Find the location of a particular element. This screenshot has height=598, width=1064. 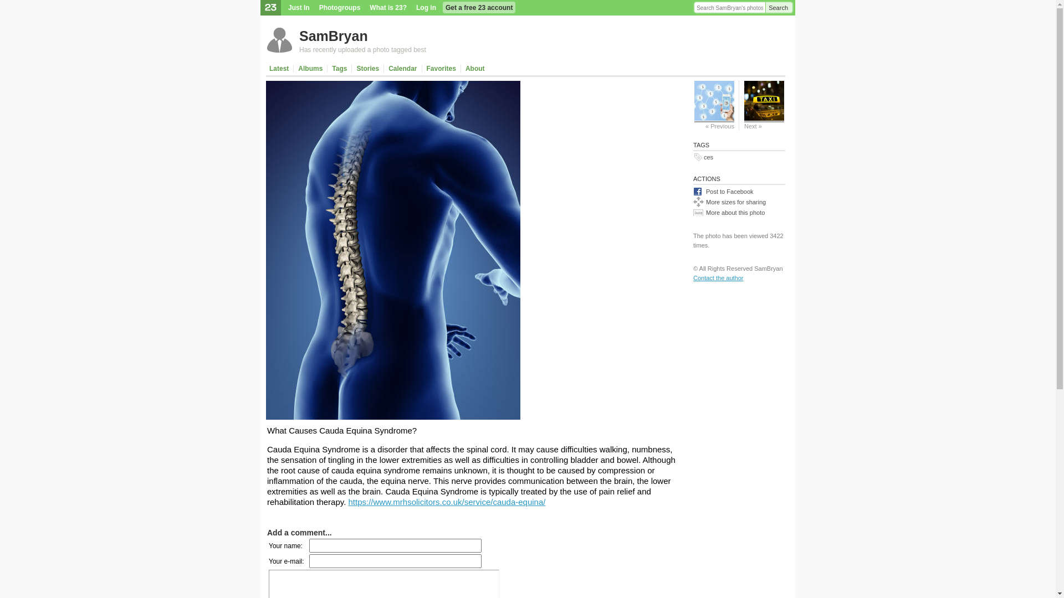

'What is 23?' is located at coordinates (388, 8).